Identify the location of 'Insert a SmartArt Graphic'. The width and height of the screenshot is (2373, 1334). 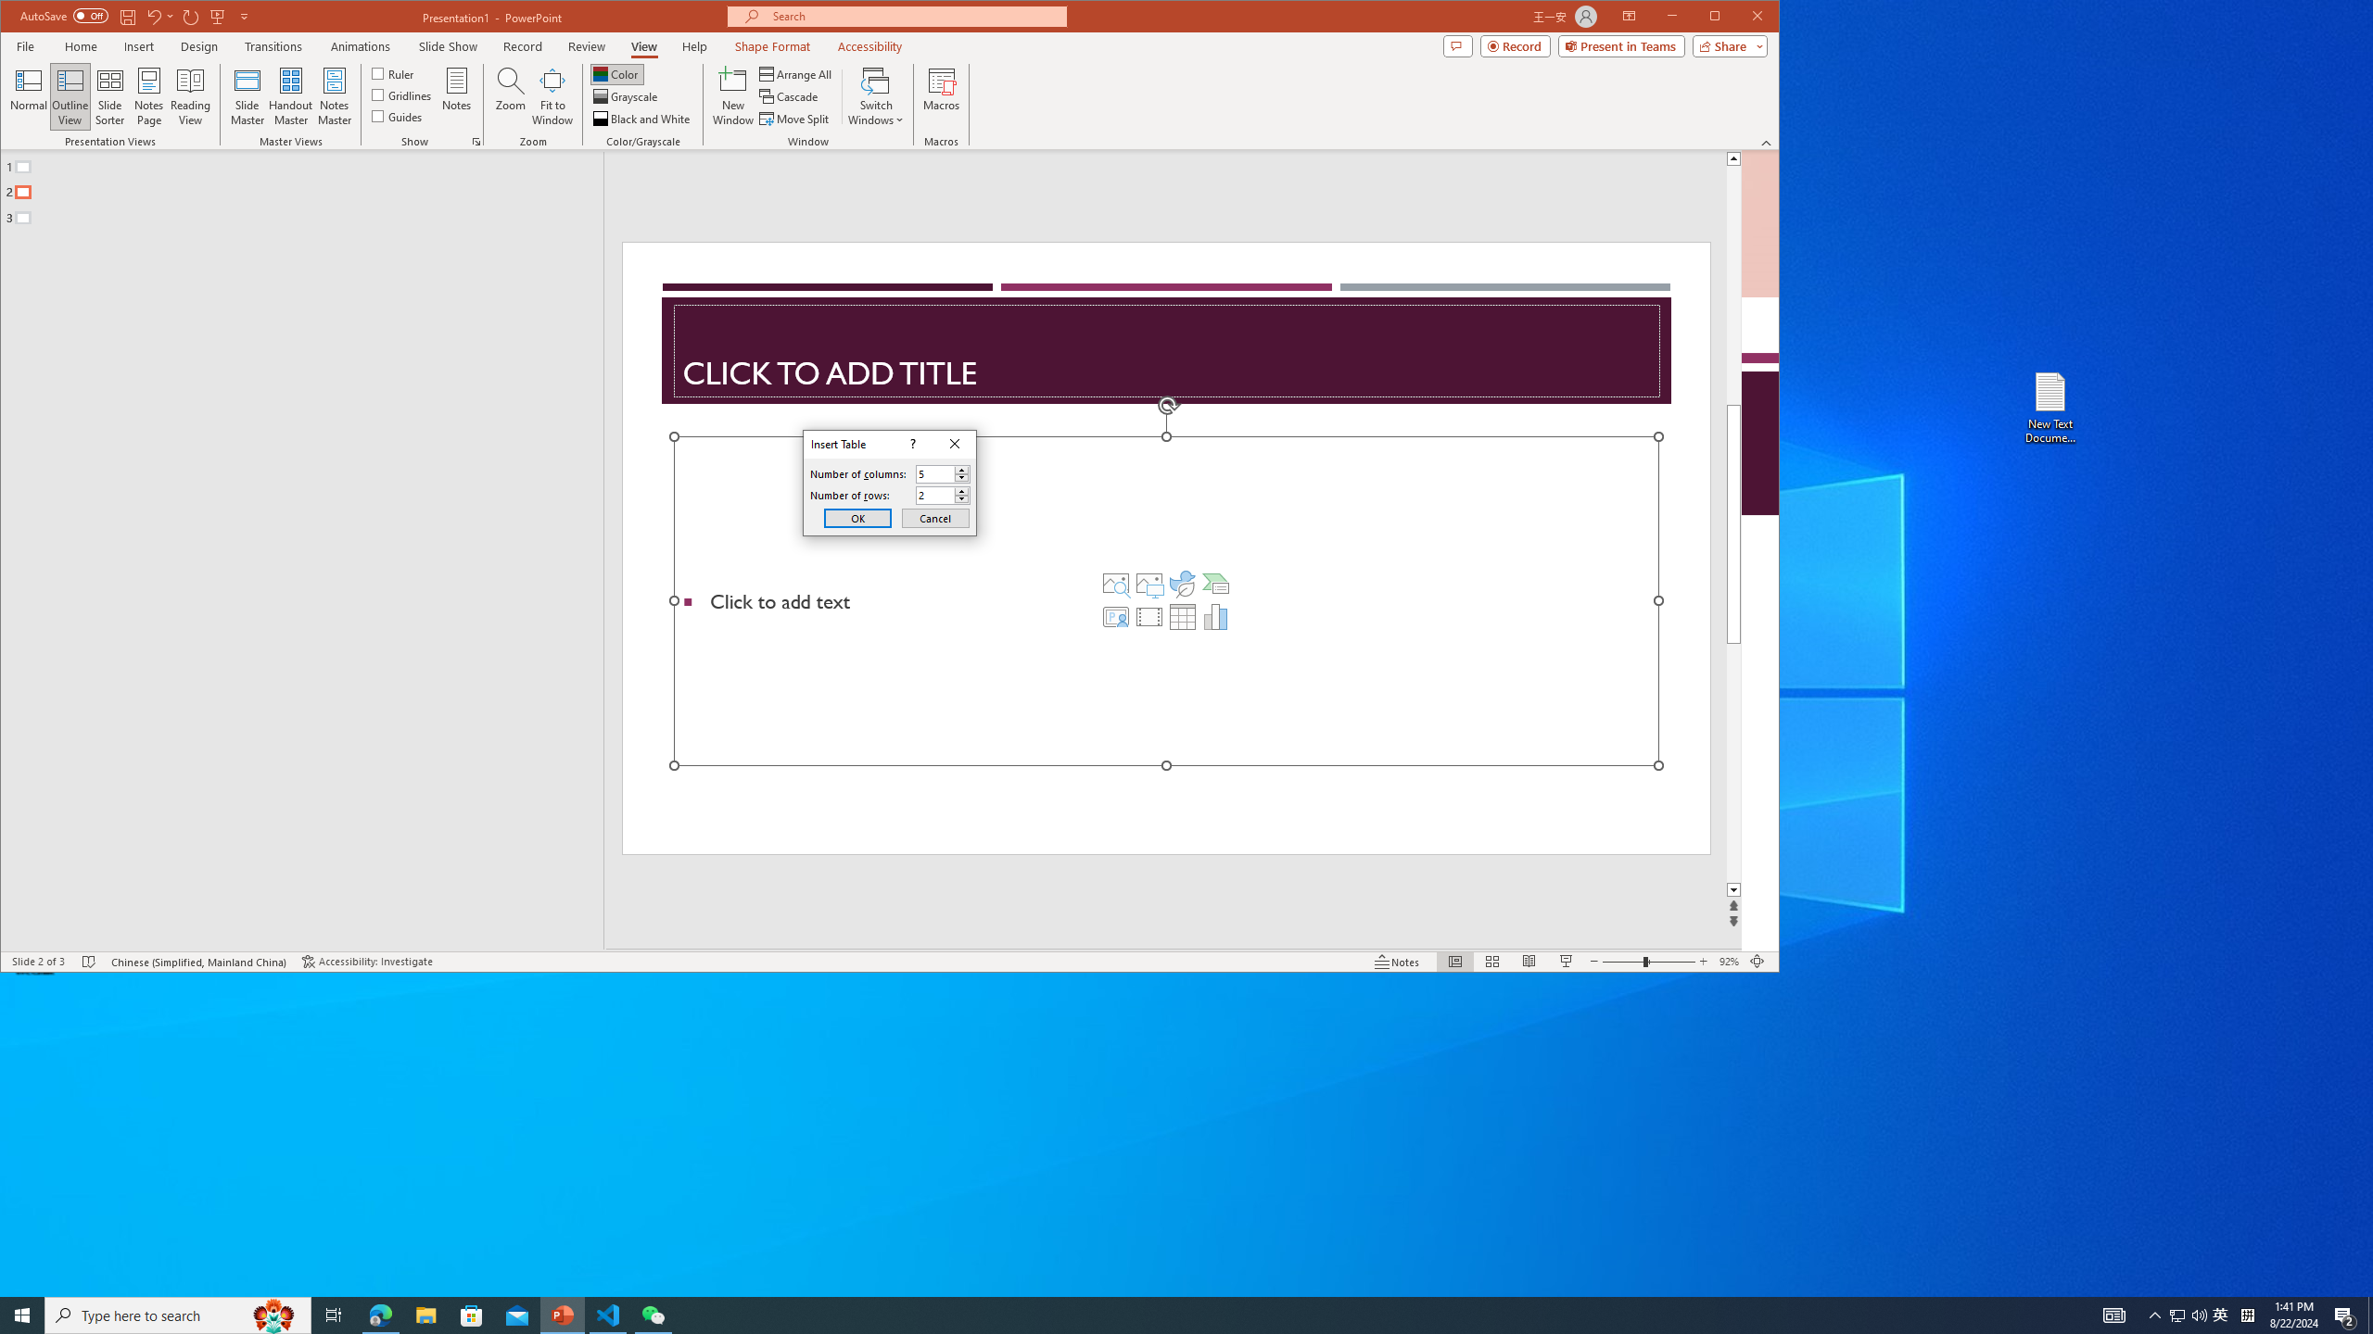
(1216, 583).